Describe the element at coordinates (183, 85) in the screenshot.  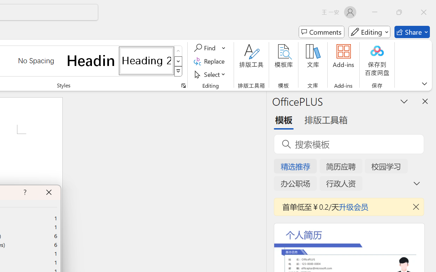
I see `'Styles...'` at that location.